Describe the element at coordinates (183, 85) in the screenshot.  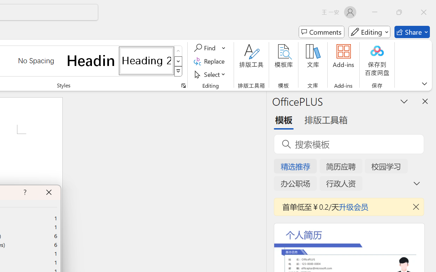
I see `'Styles...'` at that location.